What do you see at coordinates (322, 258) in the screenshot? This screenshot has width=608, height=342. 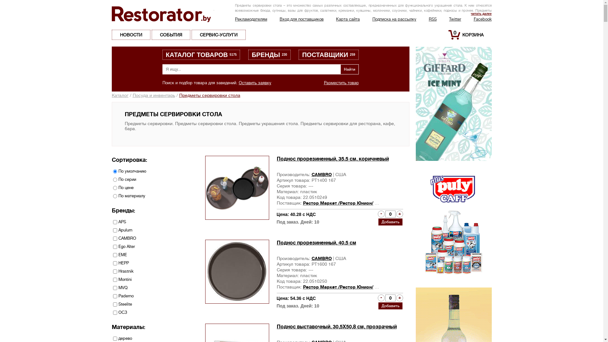 I see `'CAMBRO'` at bounding box center [322, 258].